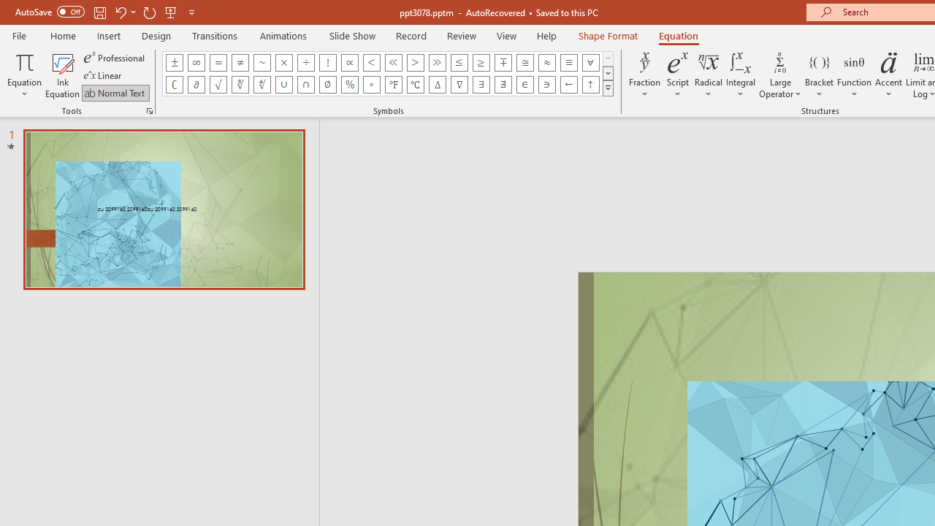  Describe the element at coordinates (262, 84) in the screenshot. I see `'Equation Symbol Fourth Root'` at that location.